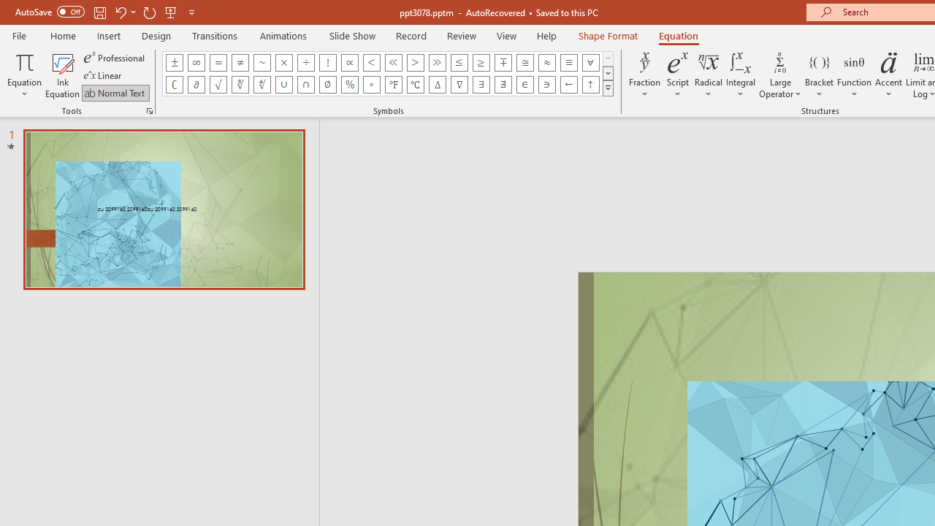  Describe the element at coordinates (262, 84) in the screenshot. I see `'Equation Symbol Fourth Root'` at that location.